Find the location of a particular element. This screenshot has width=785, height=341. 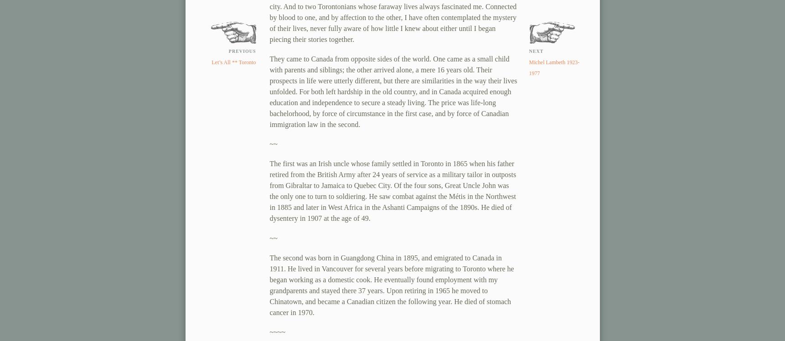

'previous' is located at coordinates (242, 51).